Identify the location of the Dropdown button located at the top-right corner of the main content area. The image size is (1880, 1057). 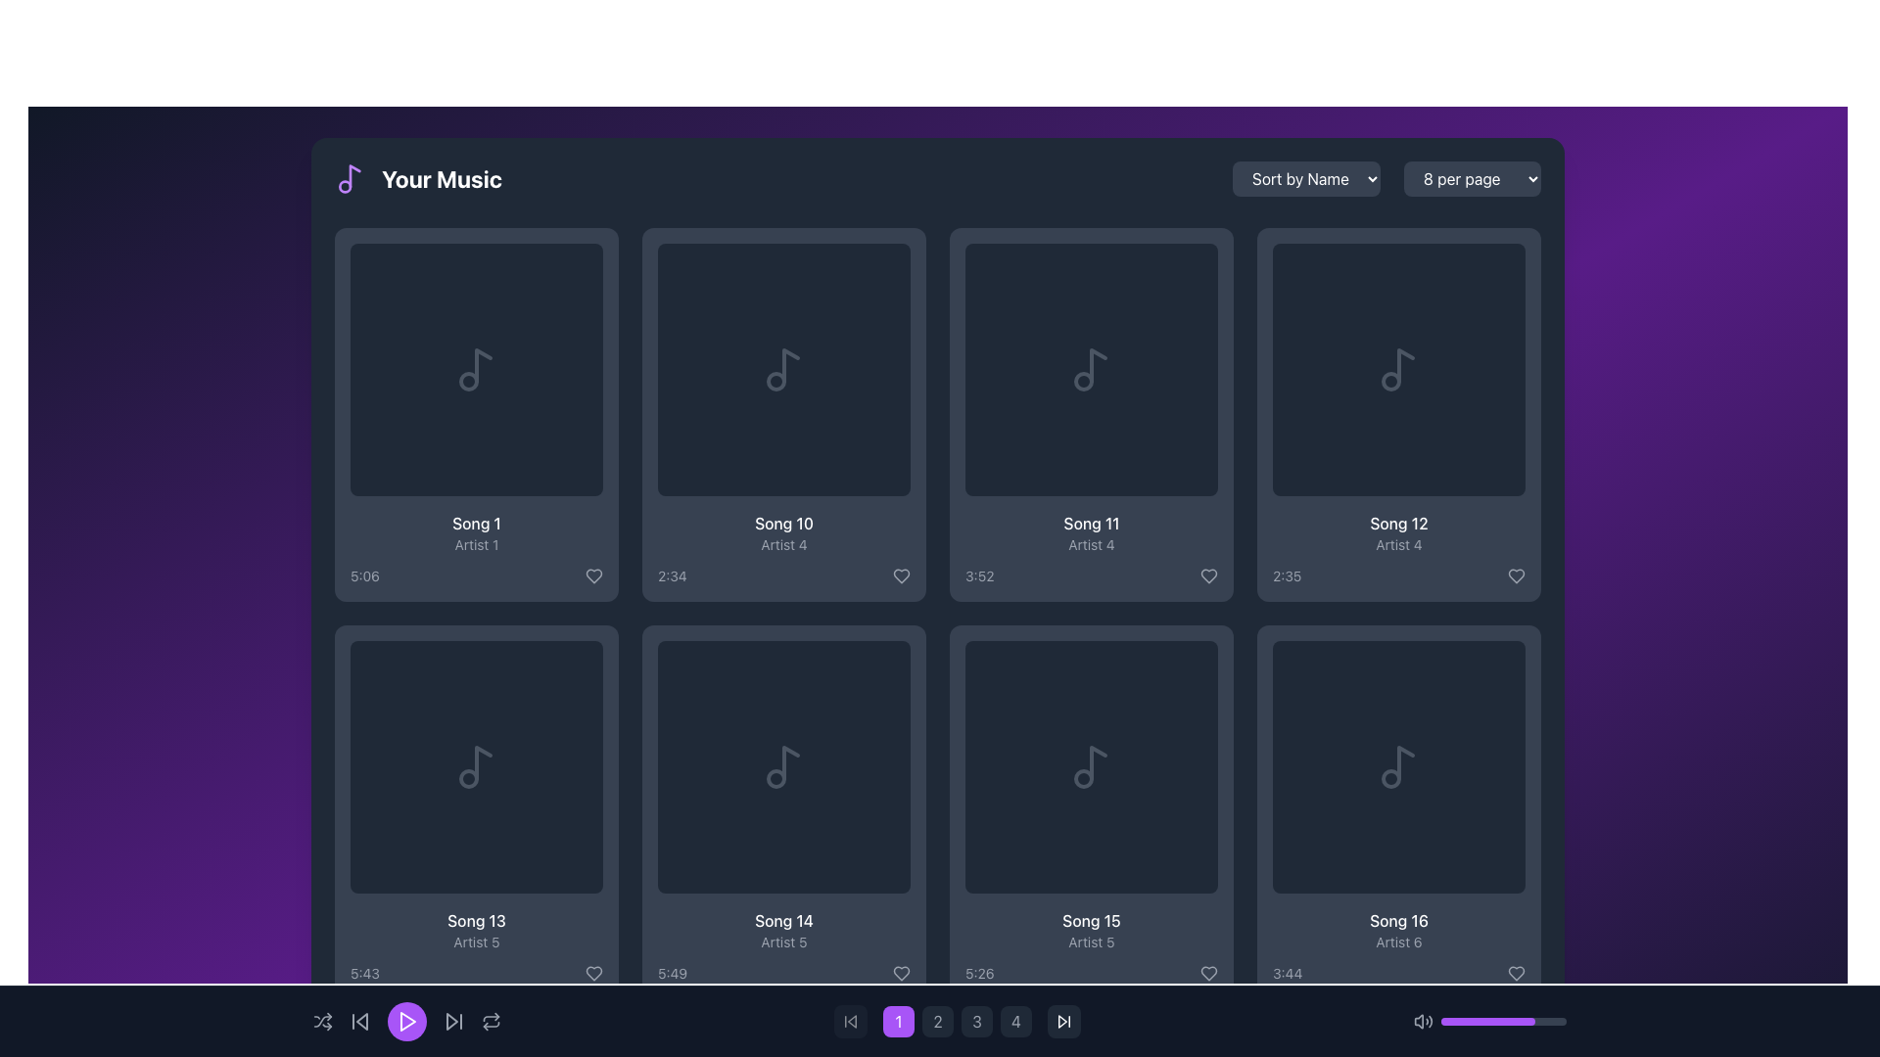
(1472, 178).